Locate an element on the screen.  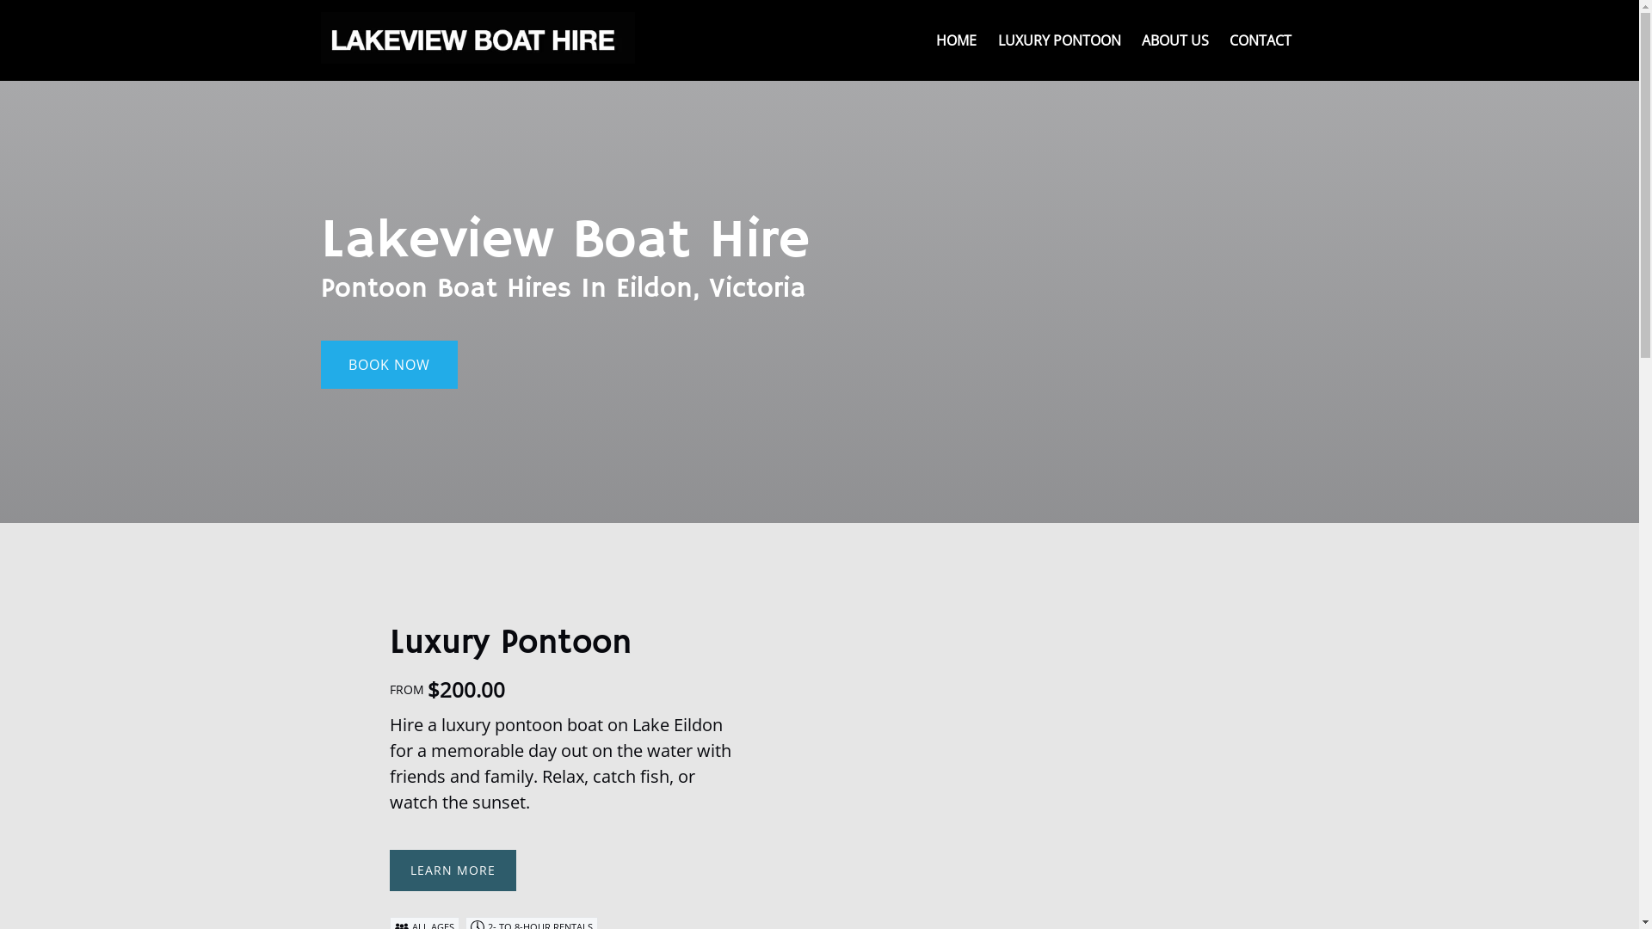
'LUXURY PONTOON' is located at coordinates (1058, 39).